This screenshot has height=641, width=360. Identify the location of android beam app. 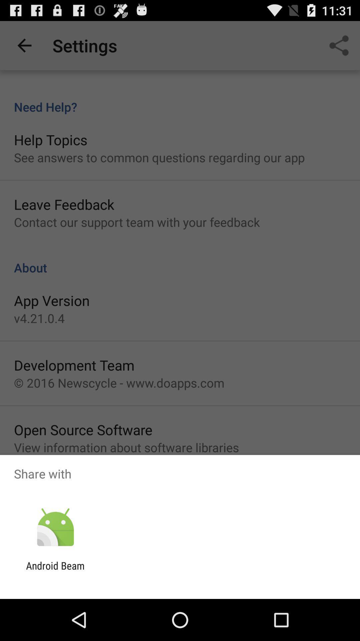
(55, 571).